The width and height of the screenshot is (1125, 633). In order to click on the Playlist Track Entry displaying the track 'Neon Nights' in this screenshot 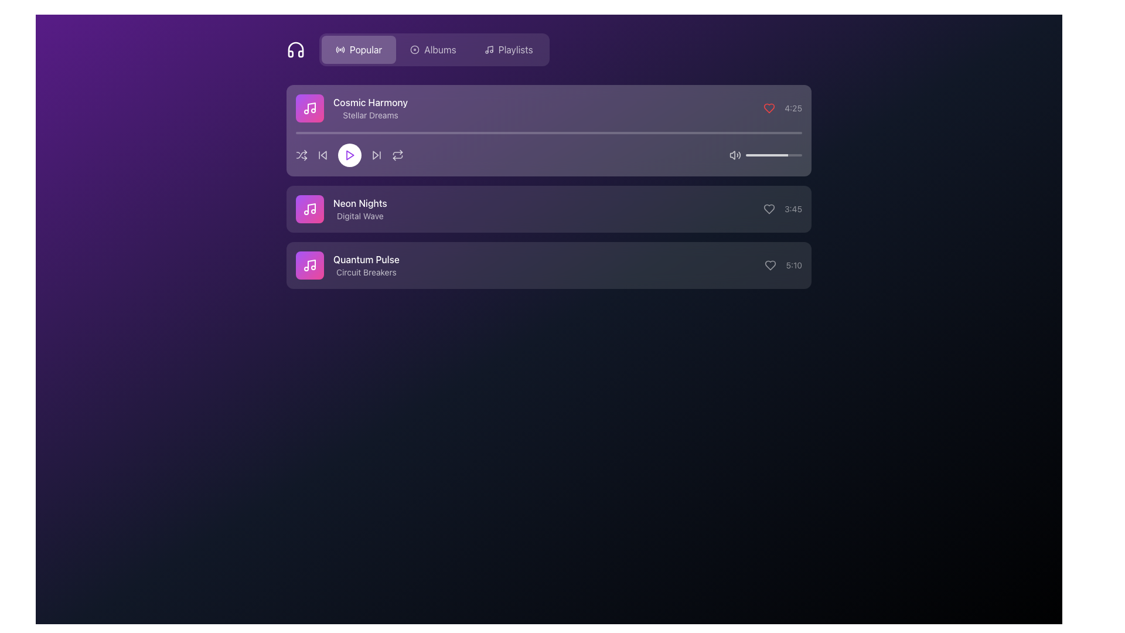, I will do `click(548, 209)`.